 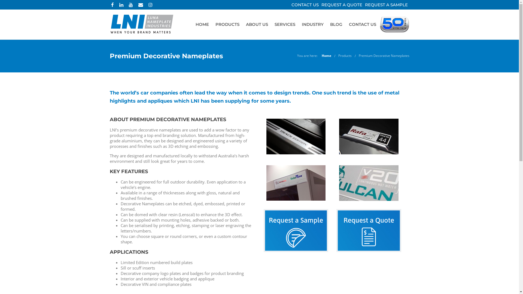 What do you see at coordinates (227, 24) in the screenshot?
I see `'PRODUCTS'` at bounding box center [227, 24].